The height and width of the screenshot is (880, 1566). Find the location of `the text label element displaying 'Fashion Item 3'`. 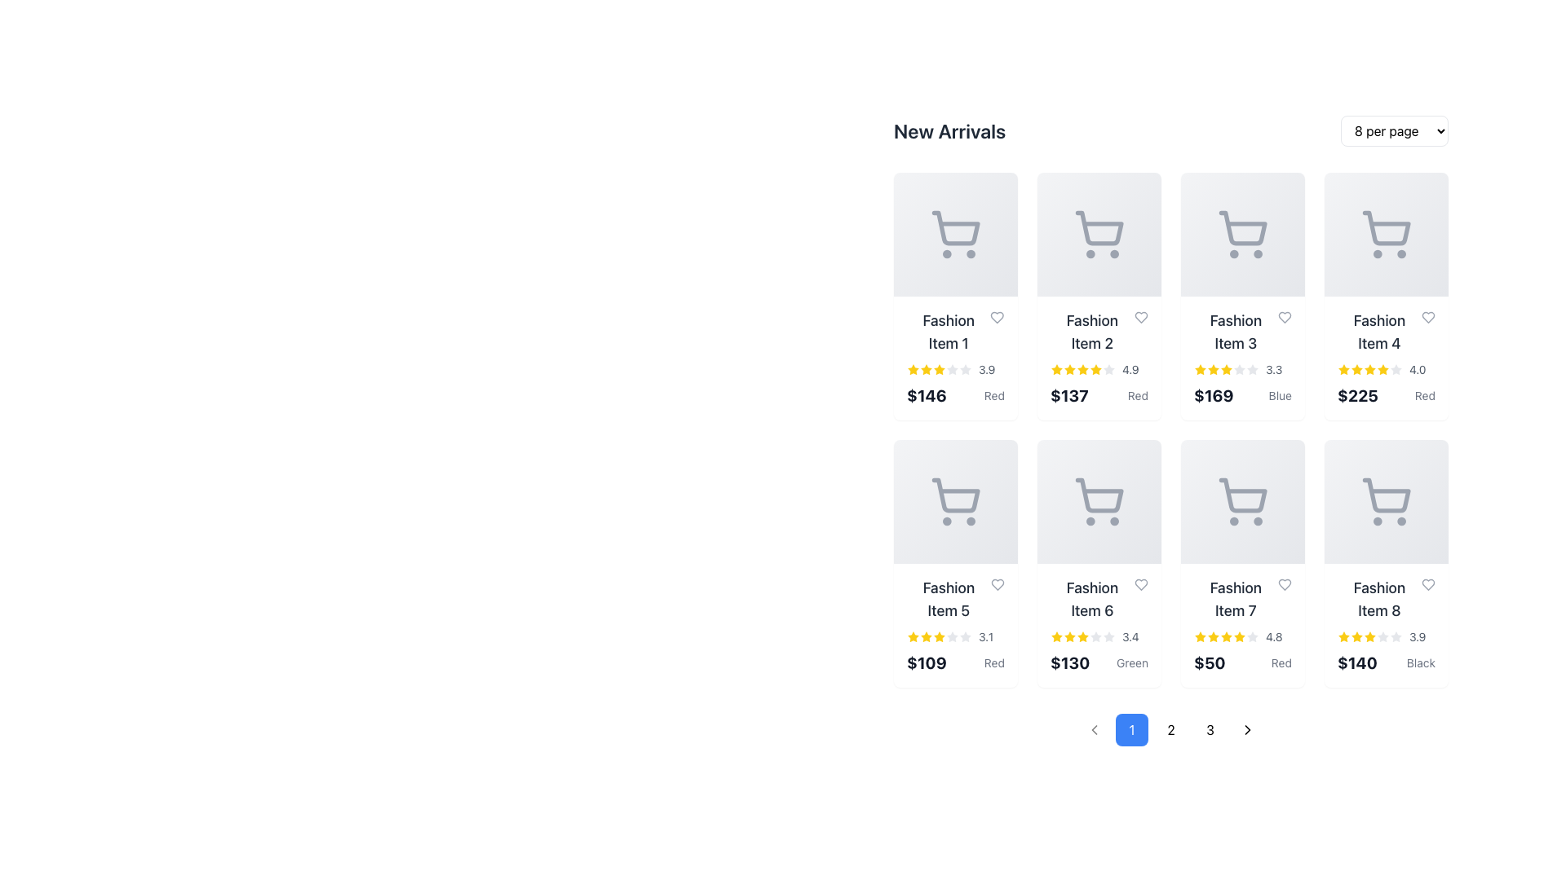

the text label element displaying 'Fashion Item 3' is located at coordinates (1241, 332).